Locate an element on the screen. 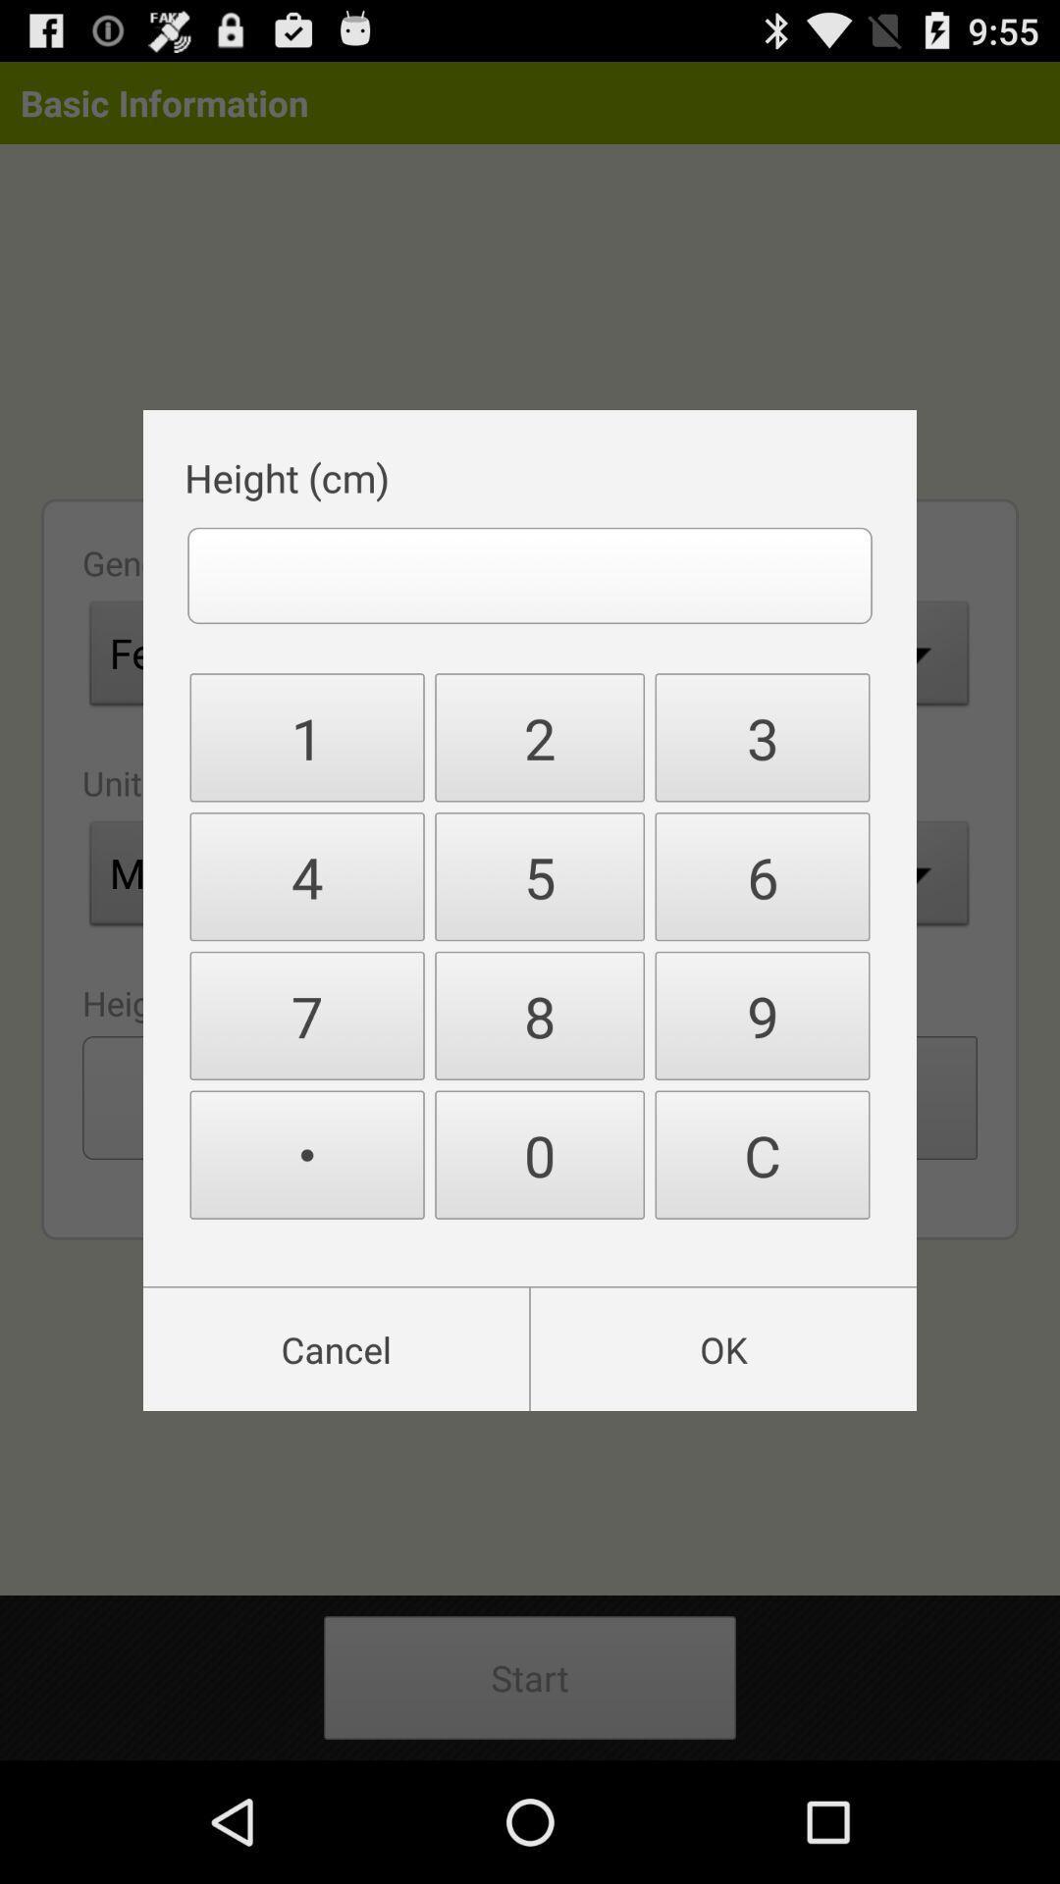 The width and height of the screenshot is (1060, 1884). the icon below 8 icon is located at coordinates (761, 1155).